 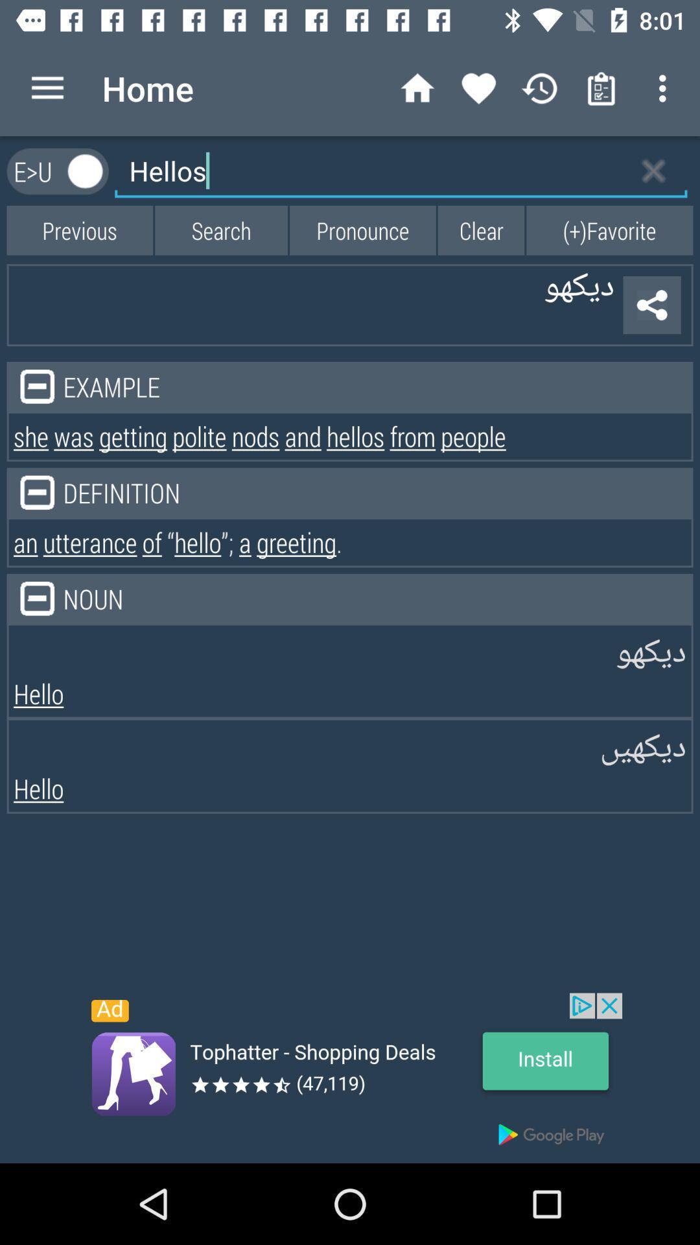 I want to click on click advertisement, so click(x=350, y=1078).